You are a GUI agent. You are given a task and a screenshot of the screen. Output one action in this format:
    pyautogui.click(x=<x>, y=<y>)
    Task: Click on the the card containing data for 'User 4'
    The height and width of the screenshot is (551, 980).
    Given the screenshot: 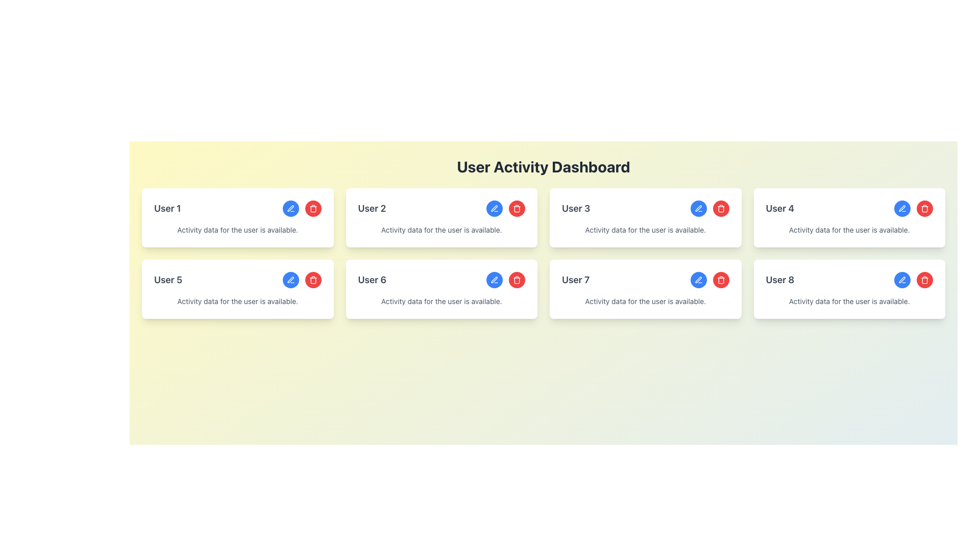 What is the action you would take?
    pyautogui.click(x=849, y=217)
    